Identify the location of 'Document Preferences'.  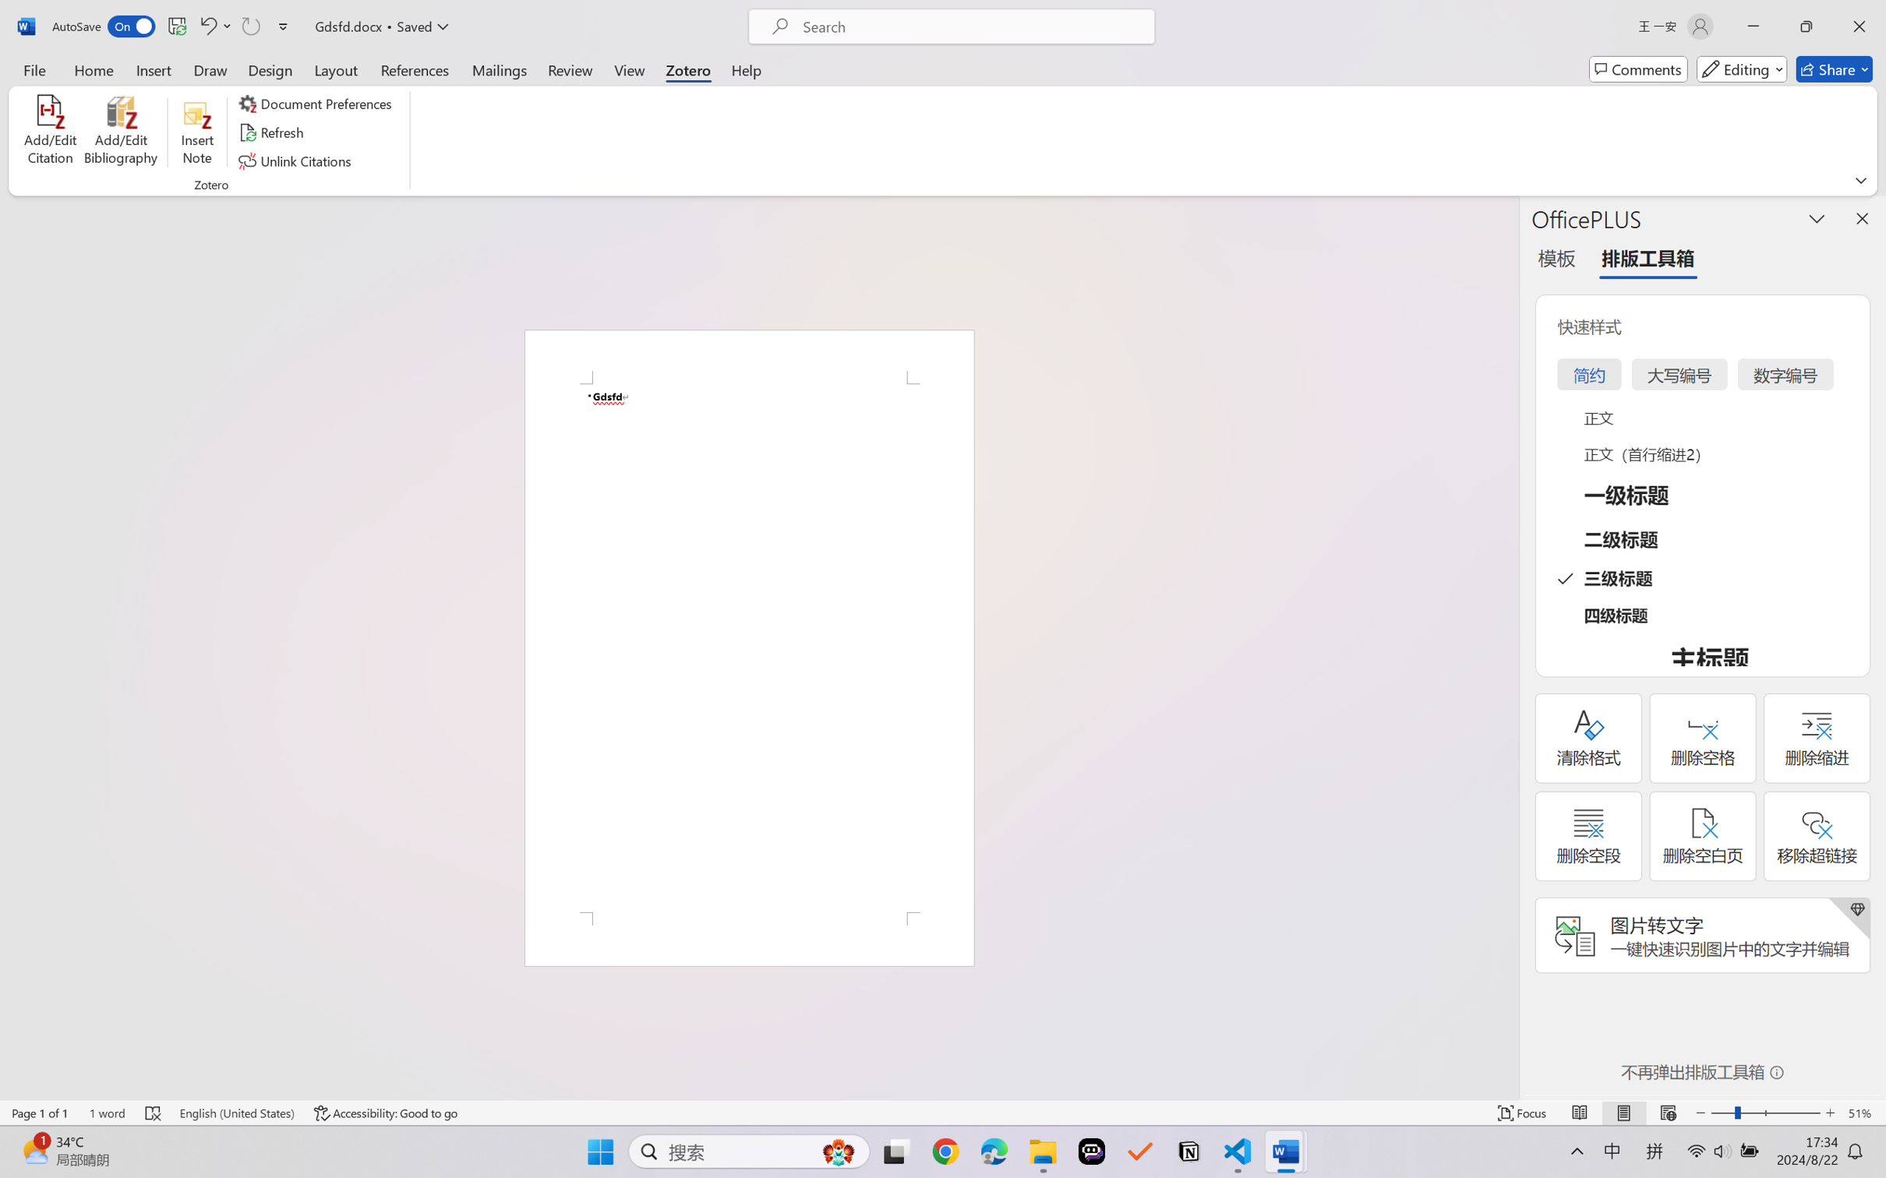
(316, 102).